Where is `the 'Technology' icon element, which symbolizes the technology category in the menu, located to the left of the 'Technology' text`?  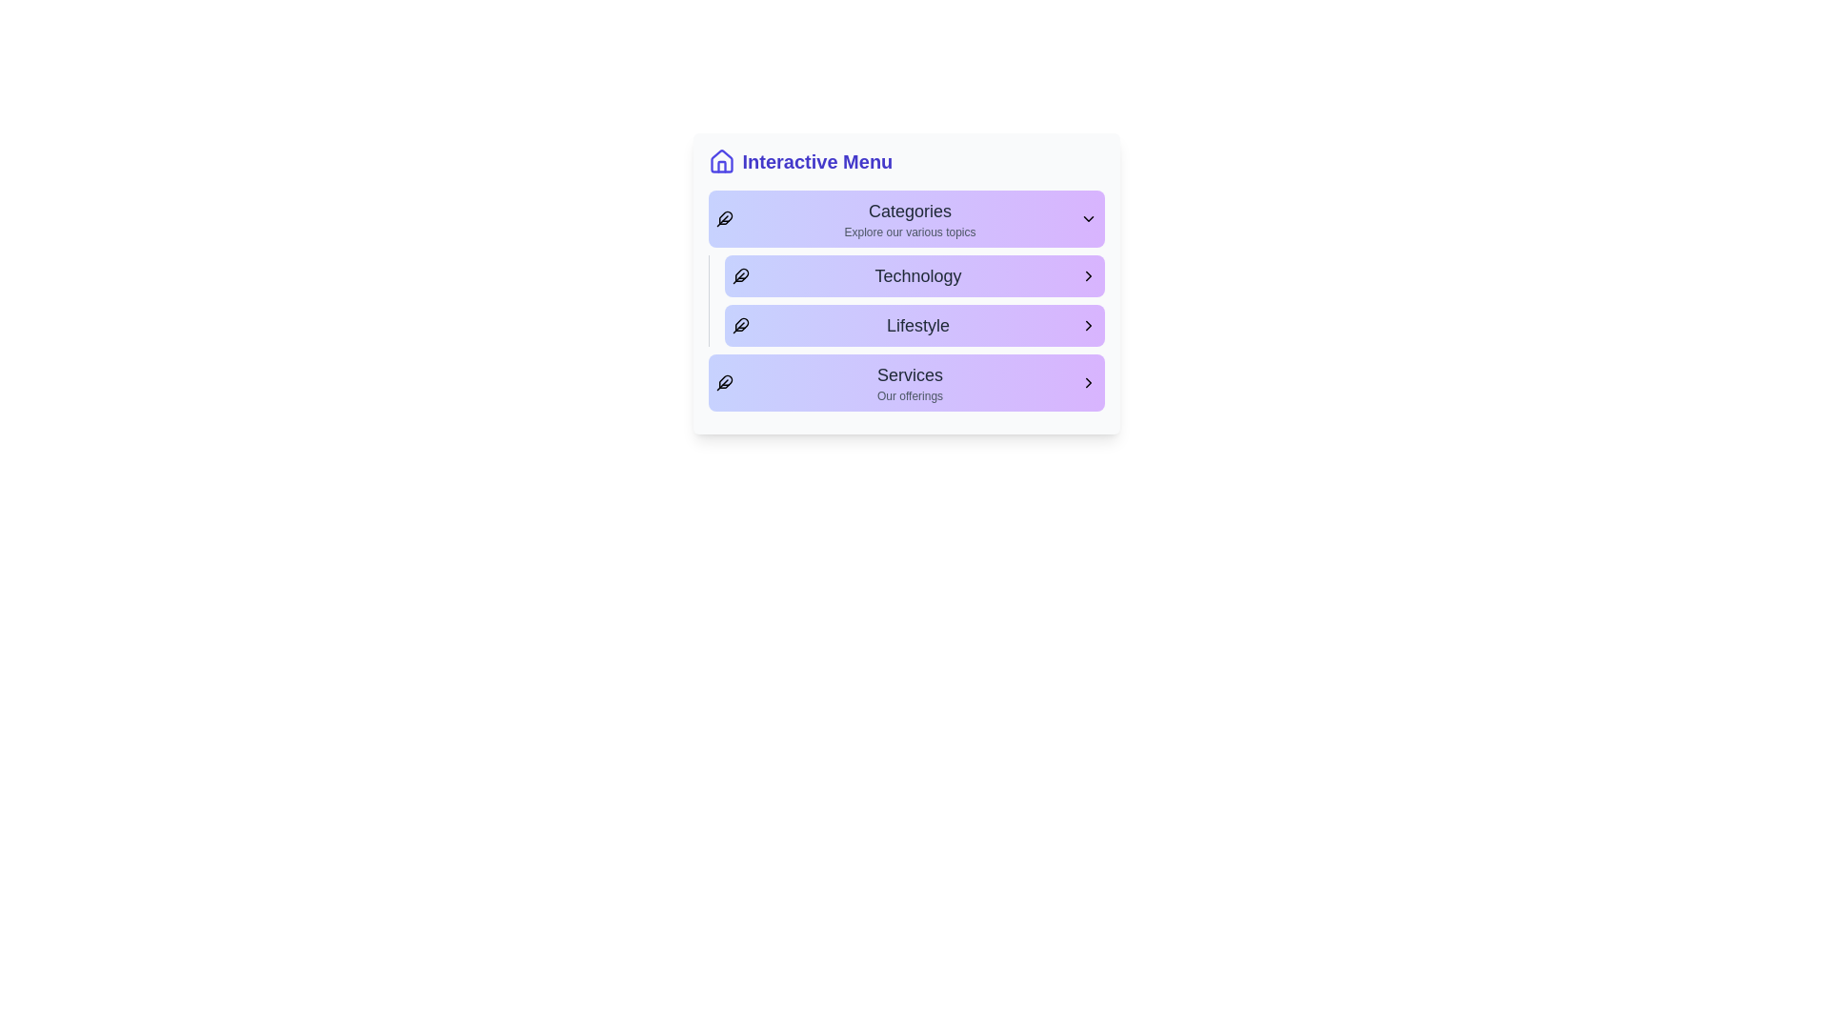 the 'Technology' icon element, which symbolizes the technology category in the menu, located to the left of the 'Technology' text is located at coordinates (739, 275).